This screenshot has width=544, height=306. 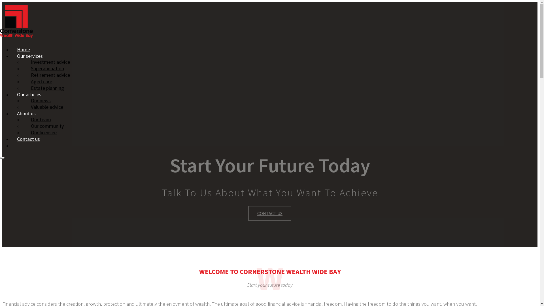 I want to click on 'Retirement advice', so click(x=50, y=75).